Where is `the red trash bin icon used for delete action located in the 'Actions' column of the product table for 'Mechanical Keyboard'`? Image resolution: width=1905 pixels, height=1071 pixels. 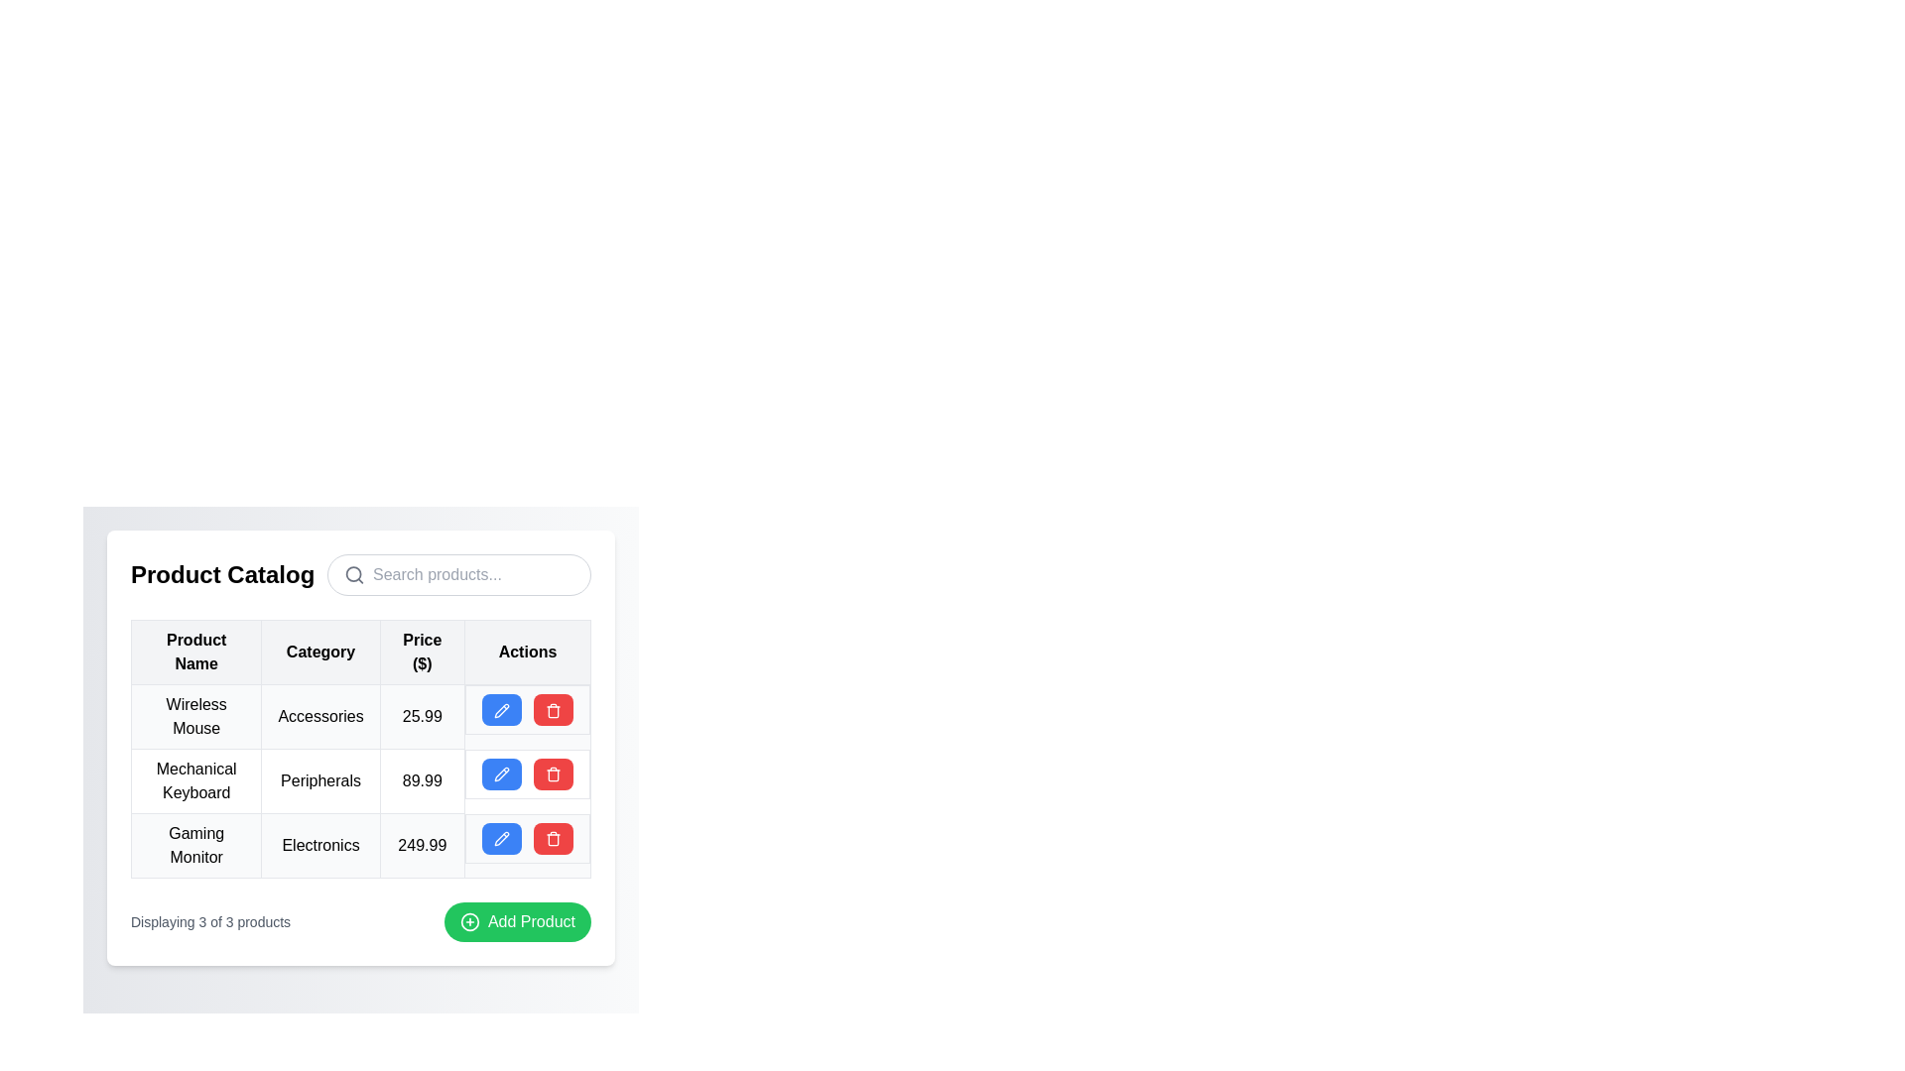
the red trash bin icon used for delete action located in the 'Actions' column of the product table for 'Mechanical Keyboard' is located at coordinates (553, 773).